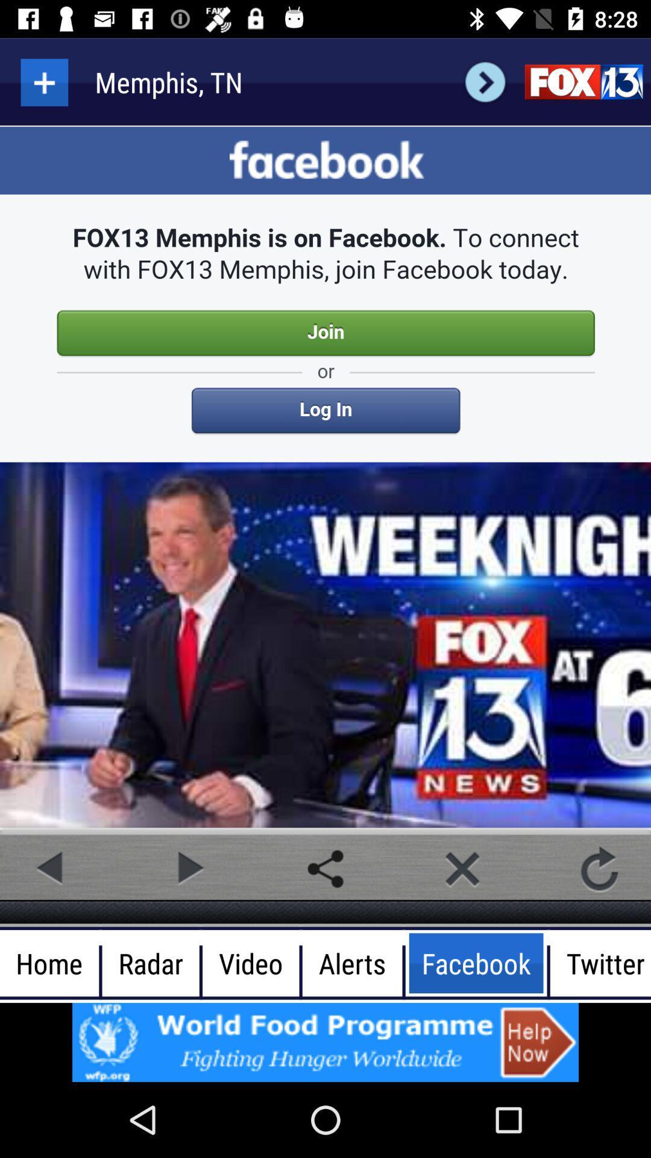  I want to click on refresh, so click(599, 868).